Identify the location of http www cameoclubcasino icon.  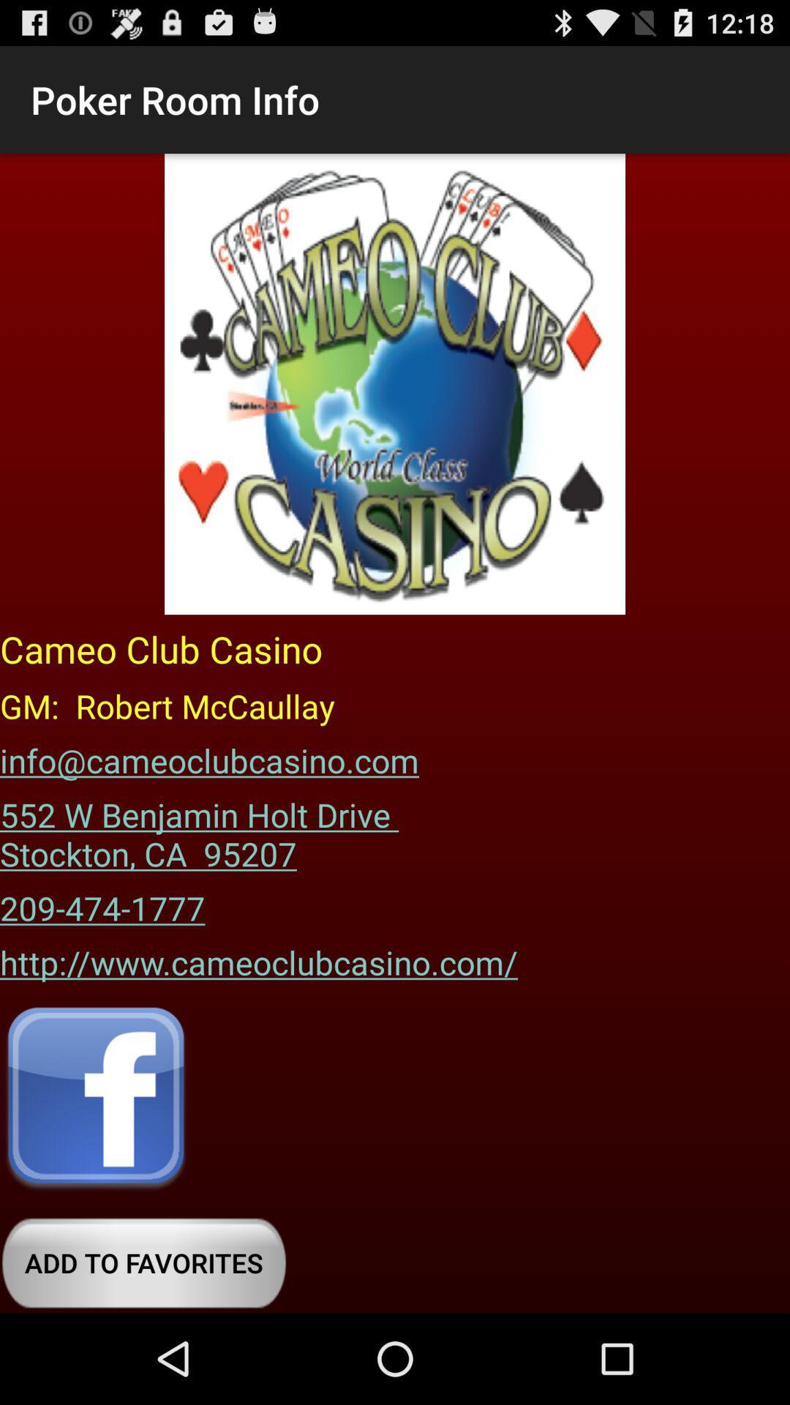
(258, 957).